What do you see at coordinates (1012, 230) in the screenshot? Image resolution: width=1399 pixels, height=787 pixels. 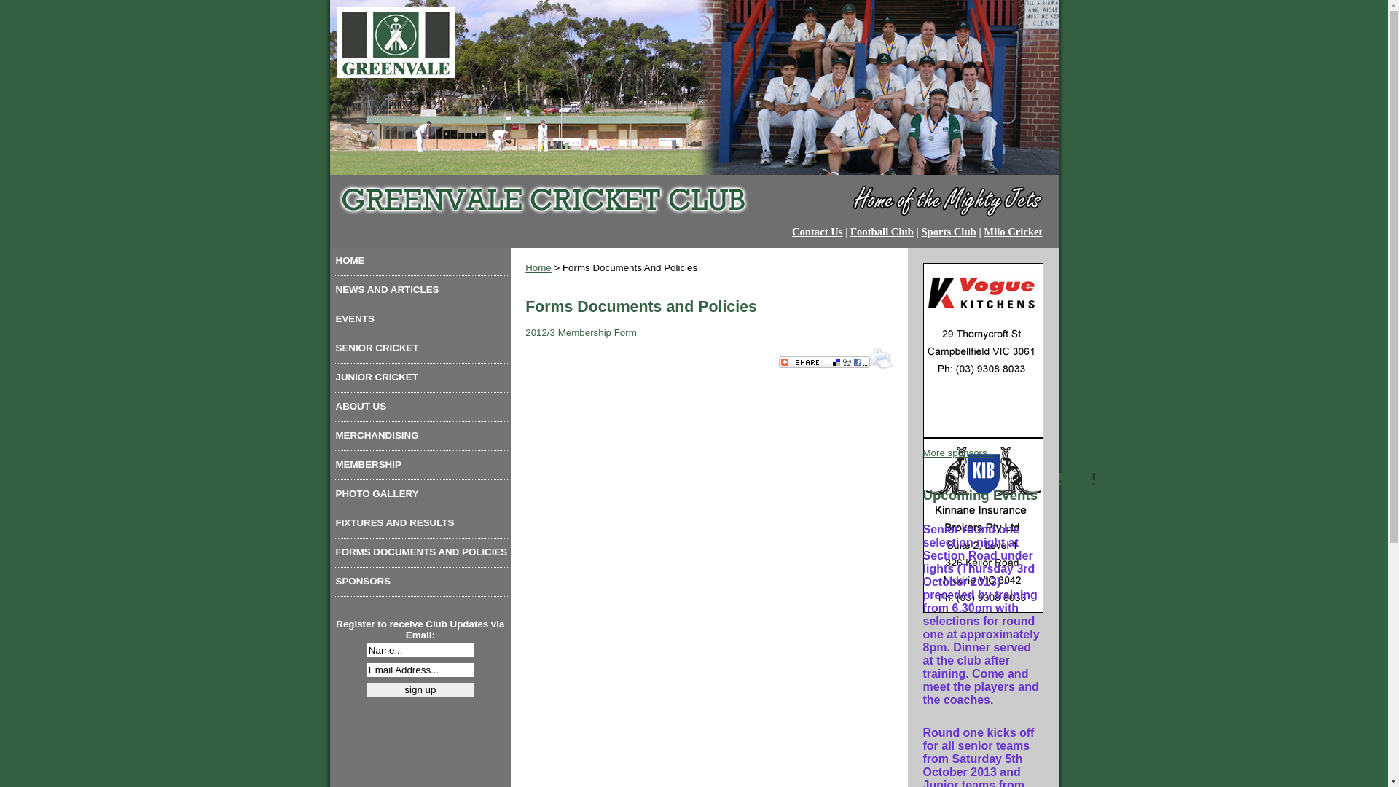 I see `'Milo Cricket'` at bounding box center [1012, 230].